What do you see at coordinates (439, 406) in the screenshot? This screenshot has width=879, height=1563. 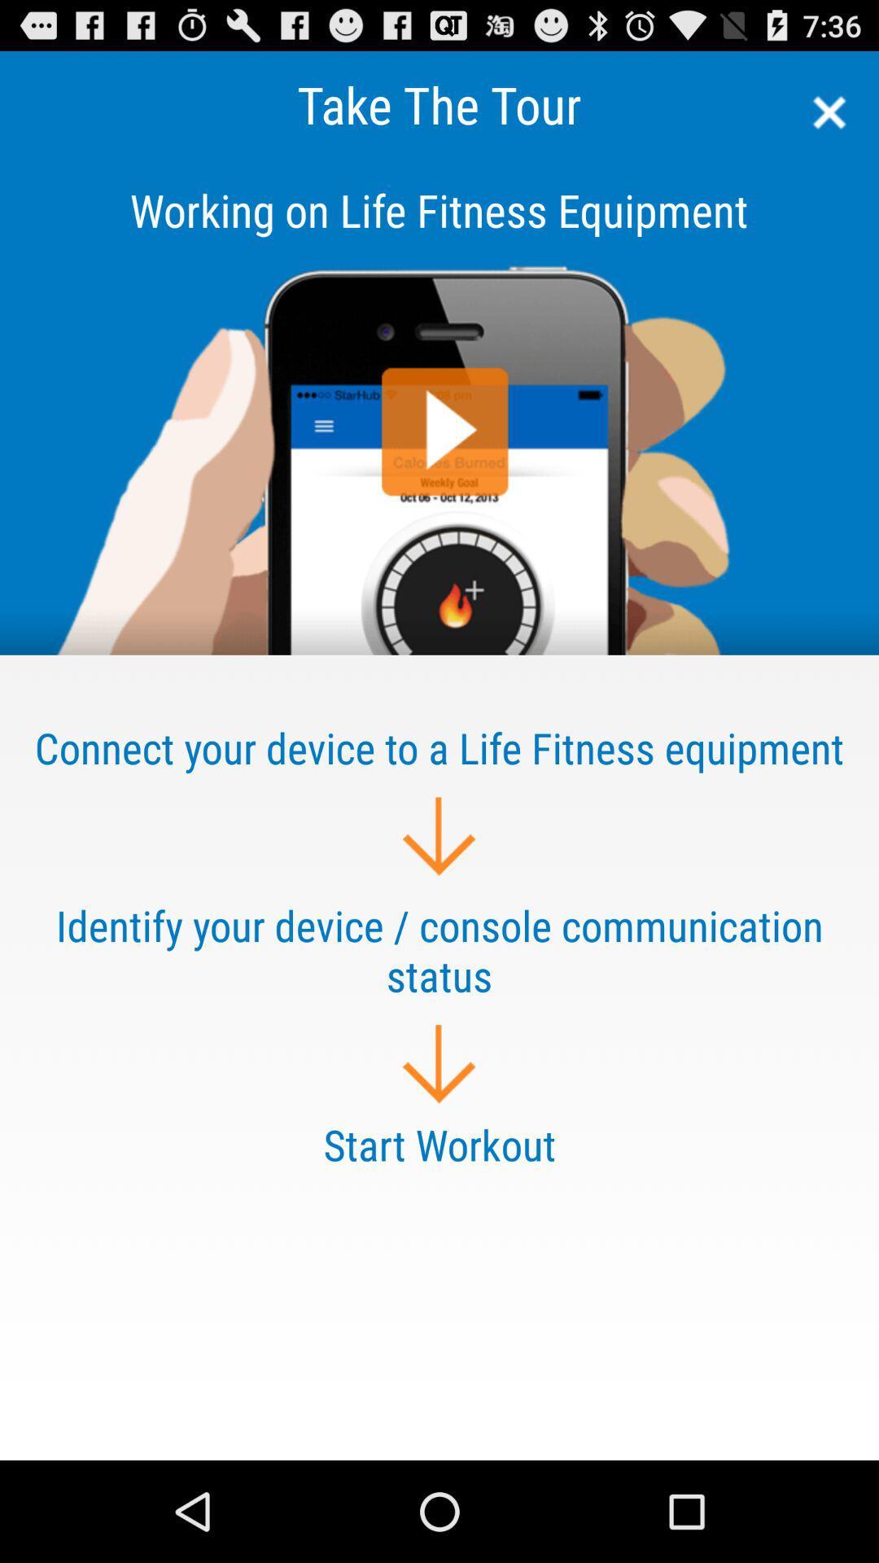 I see `video box` at bounding box center [439, 406].